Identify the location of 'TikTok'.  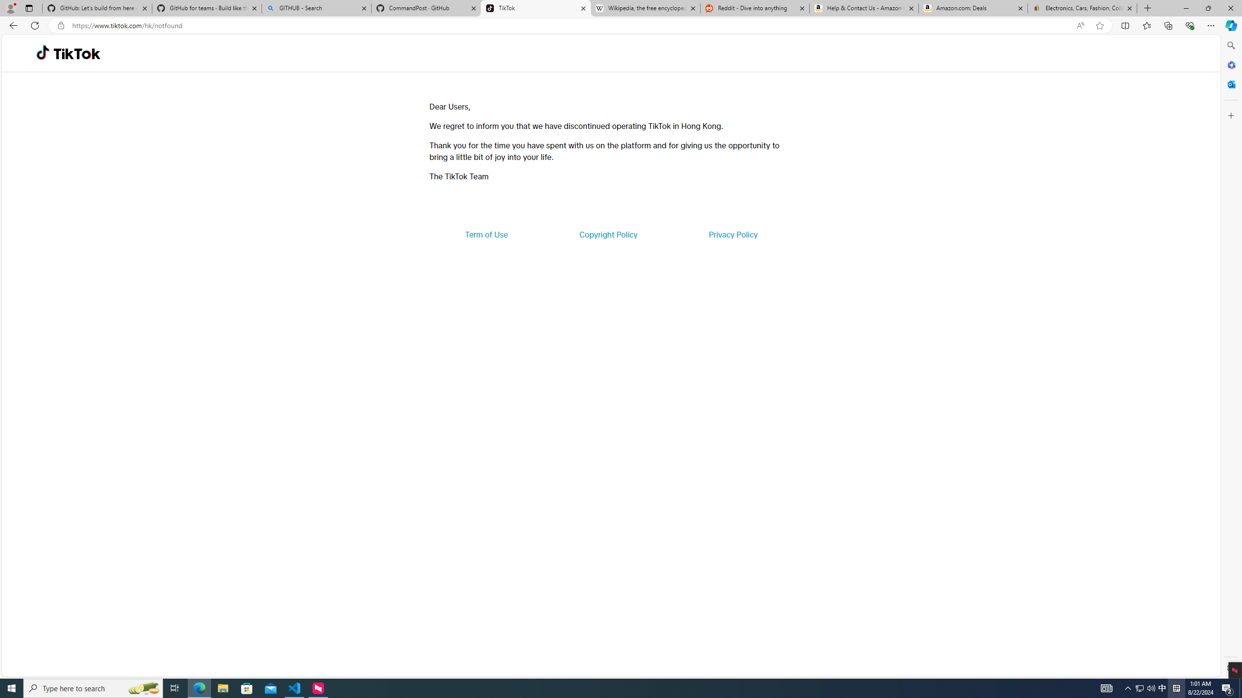
(77, 53).